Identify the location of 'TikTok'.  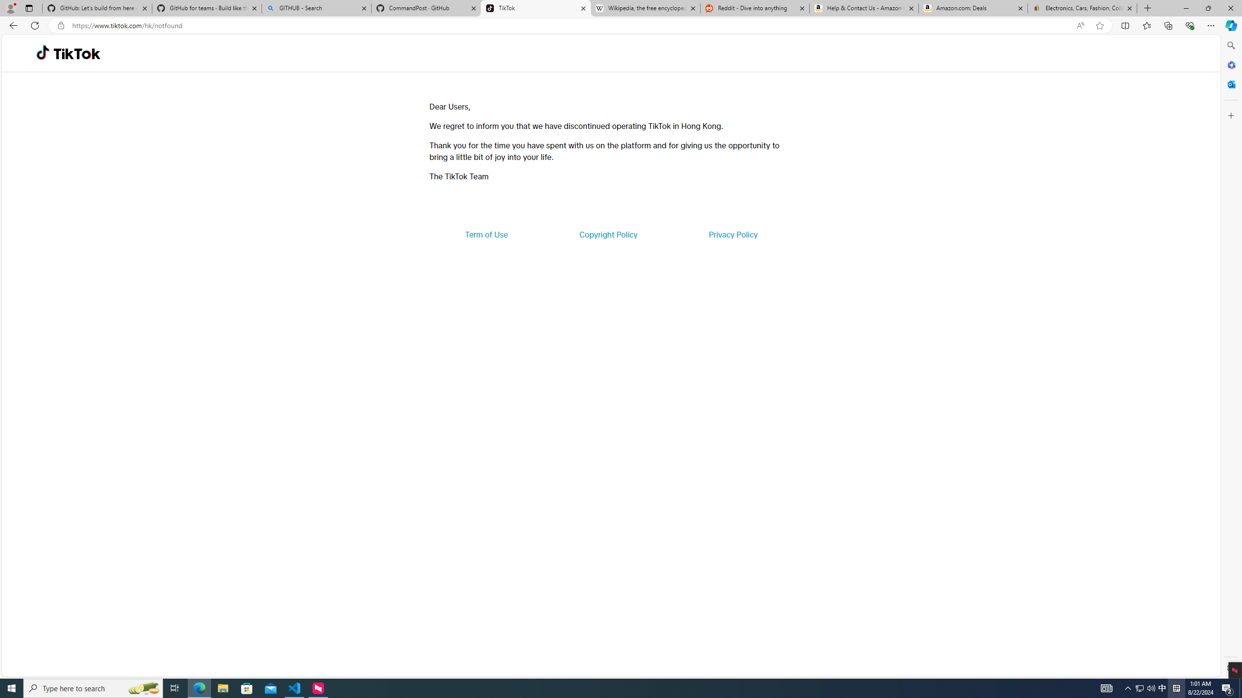
(77, 53).